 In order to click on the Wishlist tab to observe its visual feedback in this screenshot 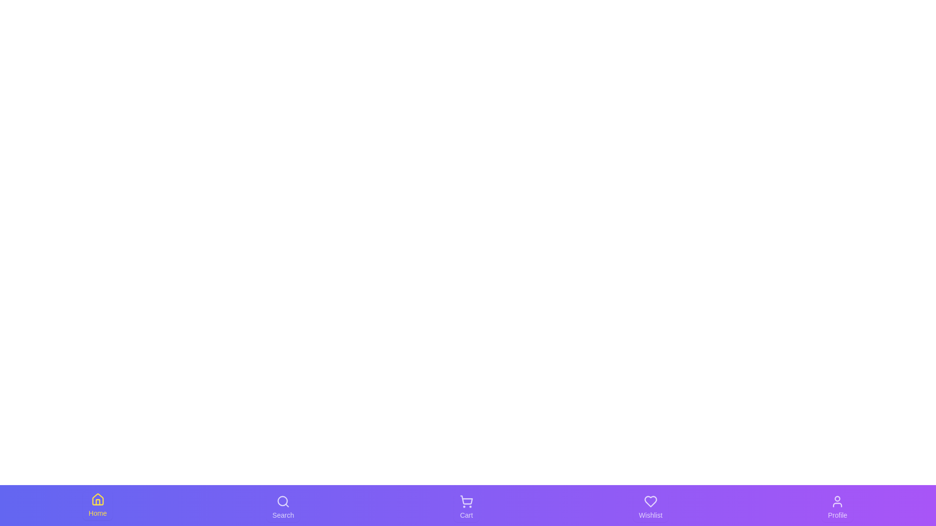, I will do `click(650, 507)`.